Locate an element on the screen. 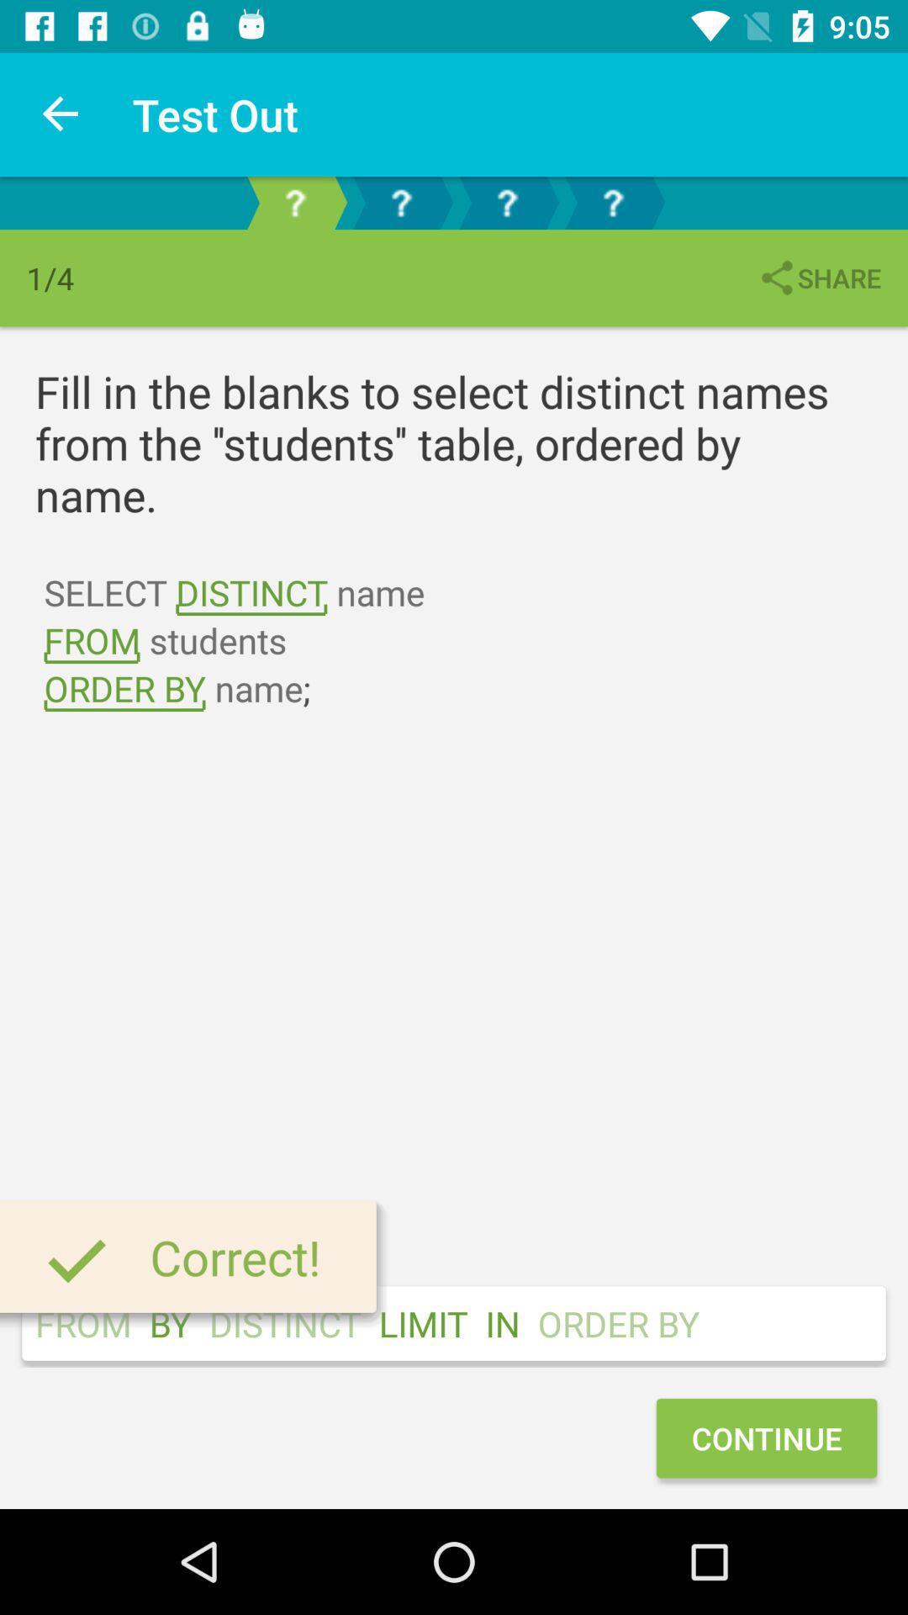 The image size is (908, 1615). the continue item is located at coordinates (766, 1437).